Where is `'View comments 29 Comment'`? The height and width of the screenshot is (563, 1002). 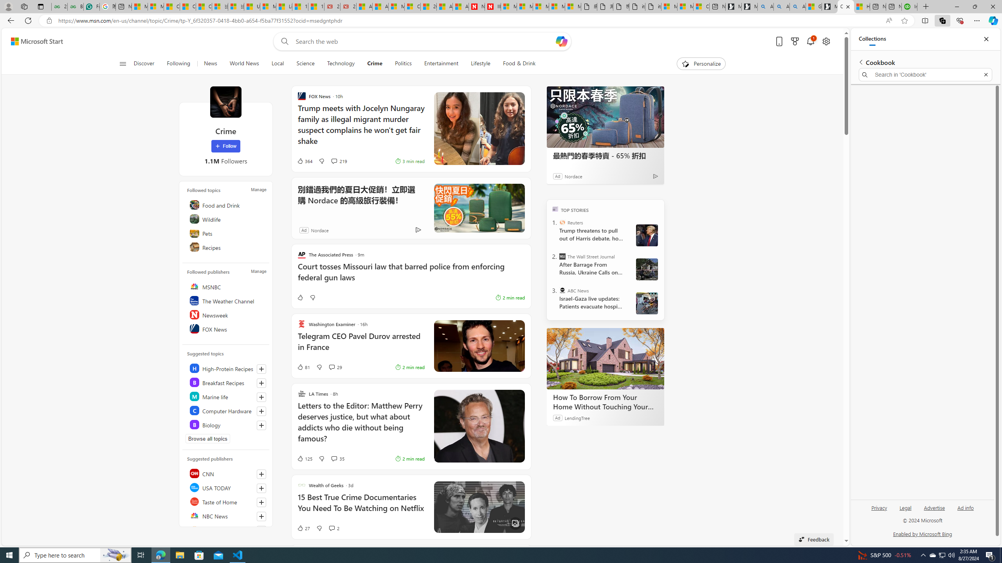
'View comments 29 Comment' is located at coordinates (332, 367).